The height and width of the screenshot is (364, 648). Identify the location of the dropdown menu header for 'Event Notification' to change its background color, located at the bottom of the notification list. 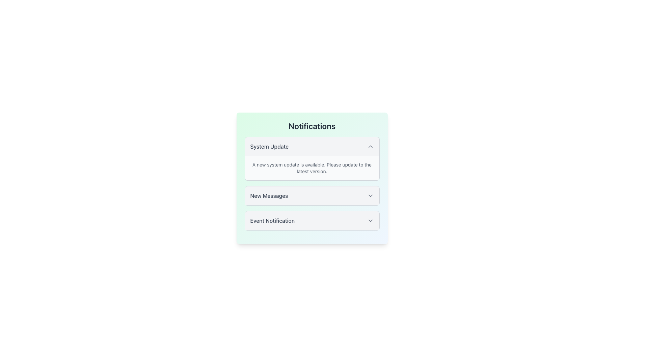
(312, 221).